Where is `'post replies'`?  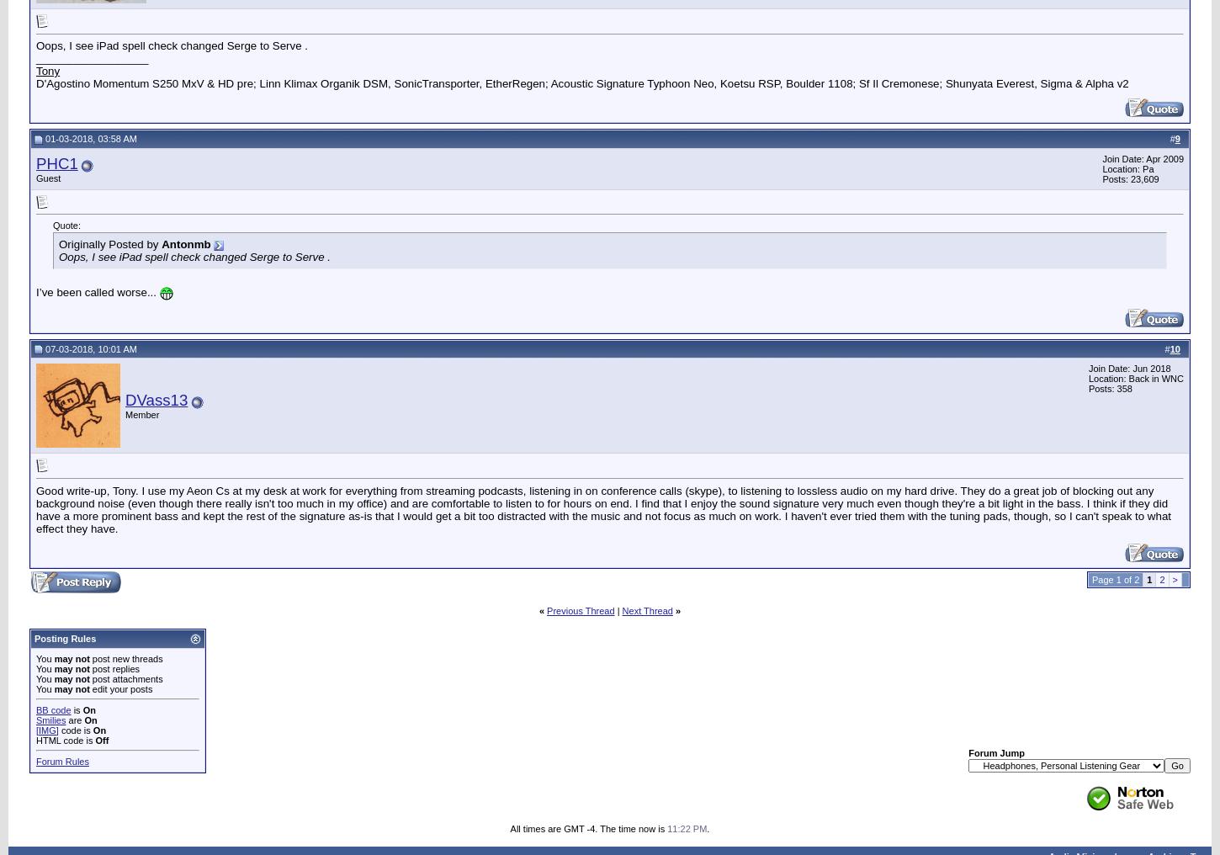
'post replies' is located at coordinates (88, 667).